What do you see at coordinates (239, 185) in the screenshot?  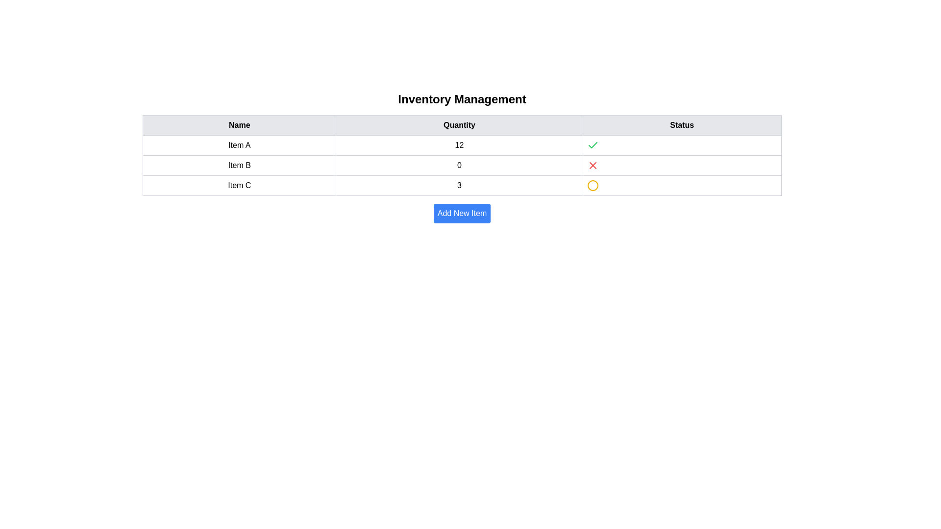 I see `the label in the third row of the 'Name' column that identifies the inventory item, which is located next to the Quantity value '3' and a yellow status indicator` at bounding box center [239, 185].